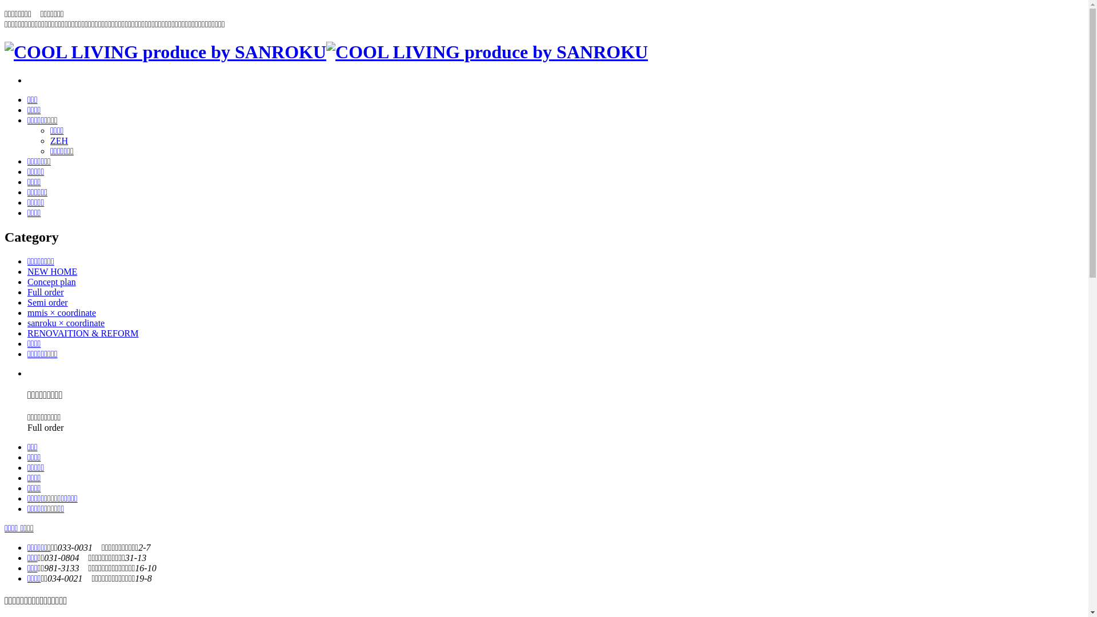 This screenshot has height=617, width=1097. What do you see at coordinates (51, 271) in the screenshot?
I see `'NEW HOME'` at bounding box center [51, 271].